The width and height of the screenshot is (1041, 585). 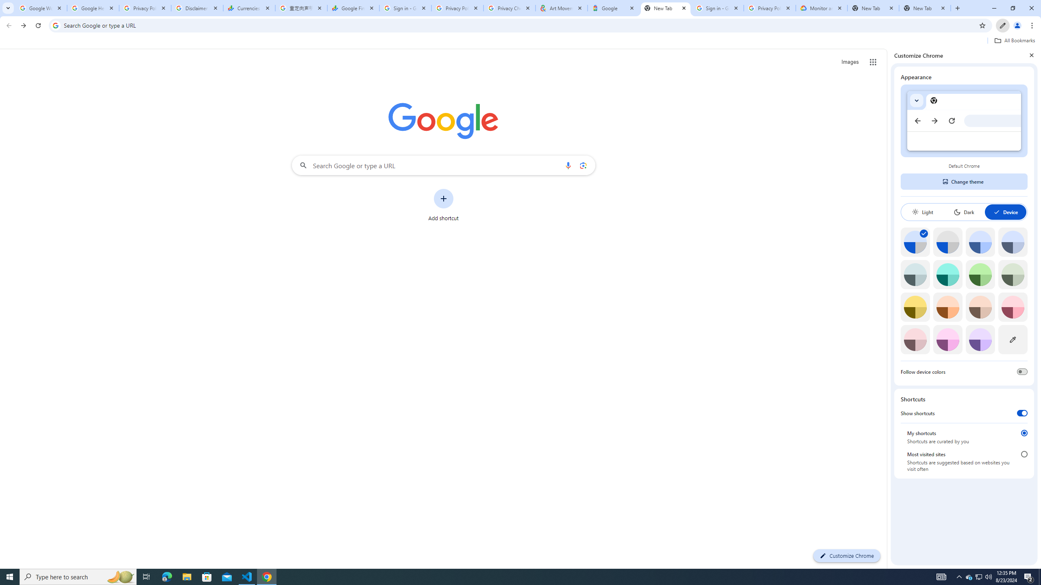 I want to click on 'All Bookmarks', so click(x=1014, y=40).